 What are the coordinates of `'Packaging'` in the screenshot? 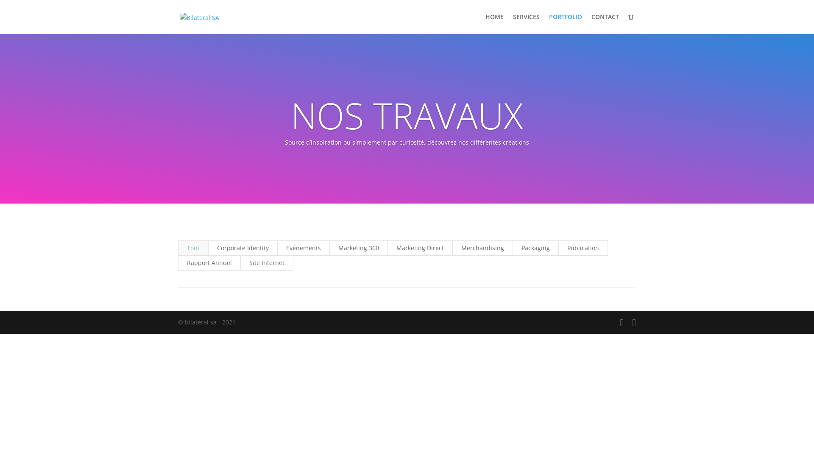 It's located at (535, 248).